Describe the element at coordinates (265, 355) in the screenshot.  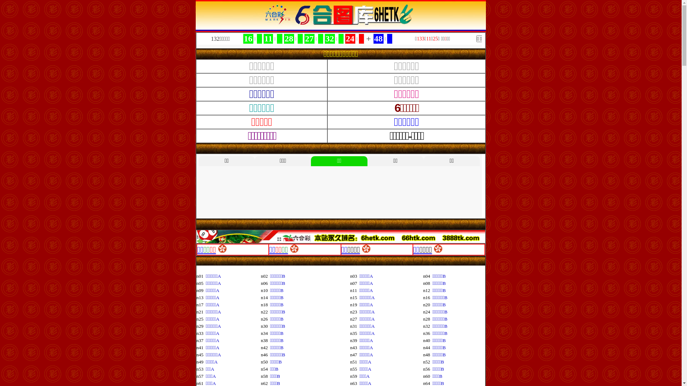
I see `'n46 '` at that location.